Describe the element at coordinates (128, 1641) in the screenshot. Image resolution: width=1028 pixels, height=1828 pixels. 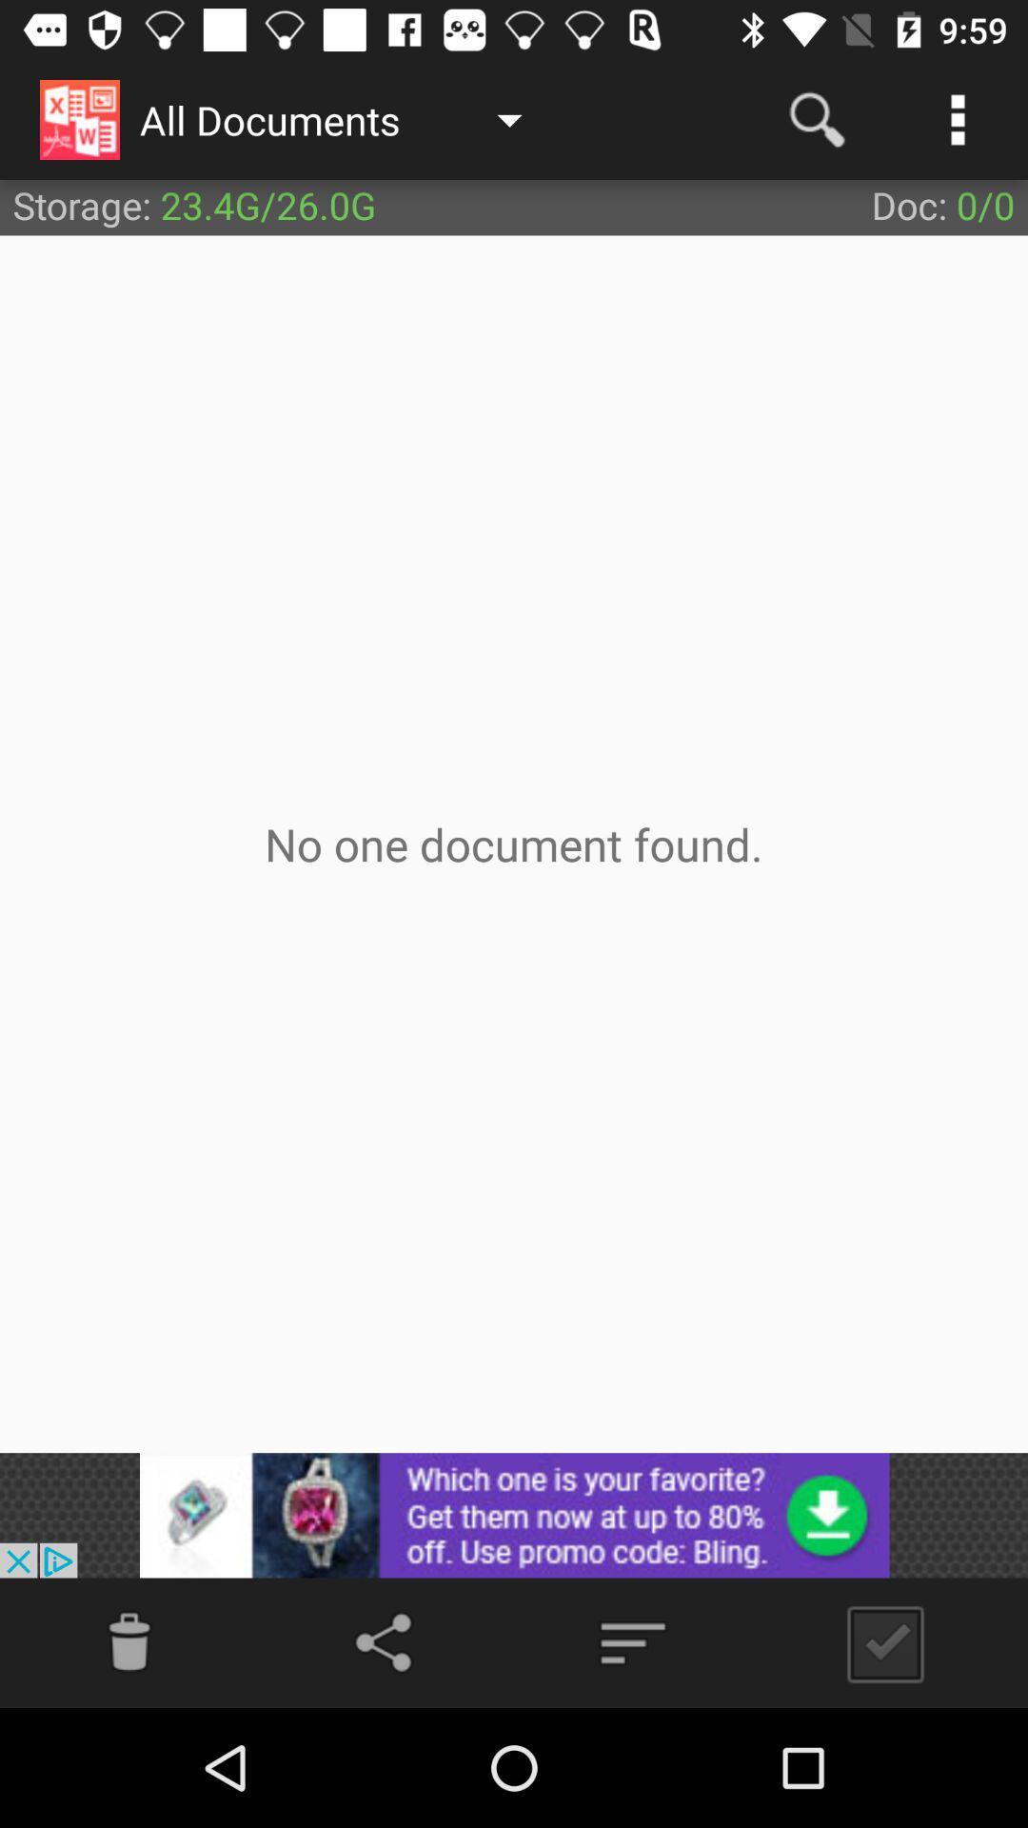
I see `the info icon` at that location.